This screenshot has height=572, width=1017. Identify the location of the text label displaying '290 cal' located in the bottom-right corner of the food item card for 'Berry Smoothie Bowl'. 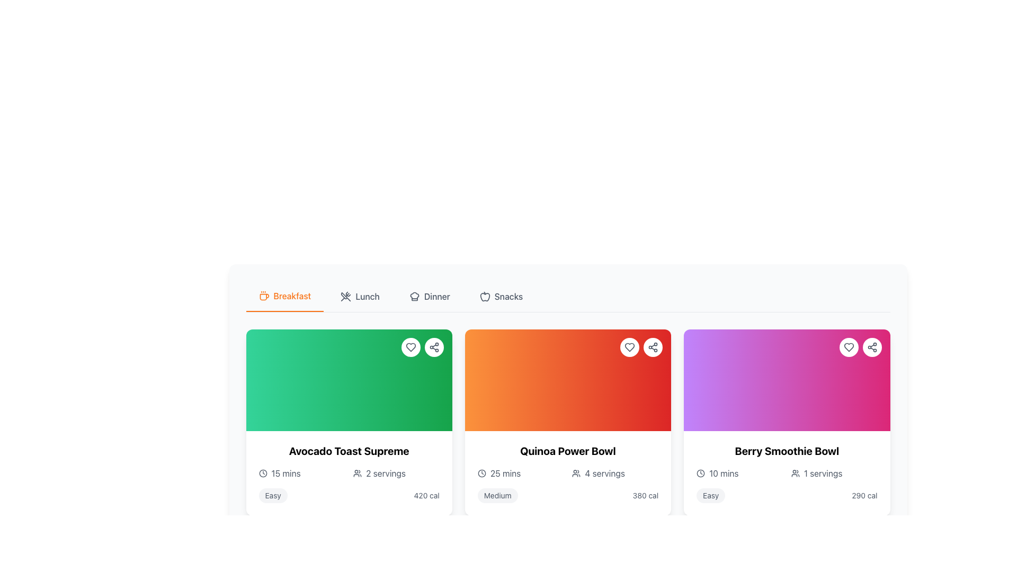
(864, 496).